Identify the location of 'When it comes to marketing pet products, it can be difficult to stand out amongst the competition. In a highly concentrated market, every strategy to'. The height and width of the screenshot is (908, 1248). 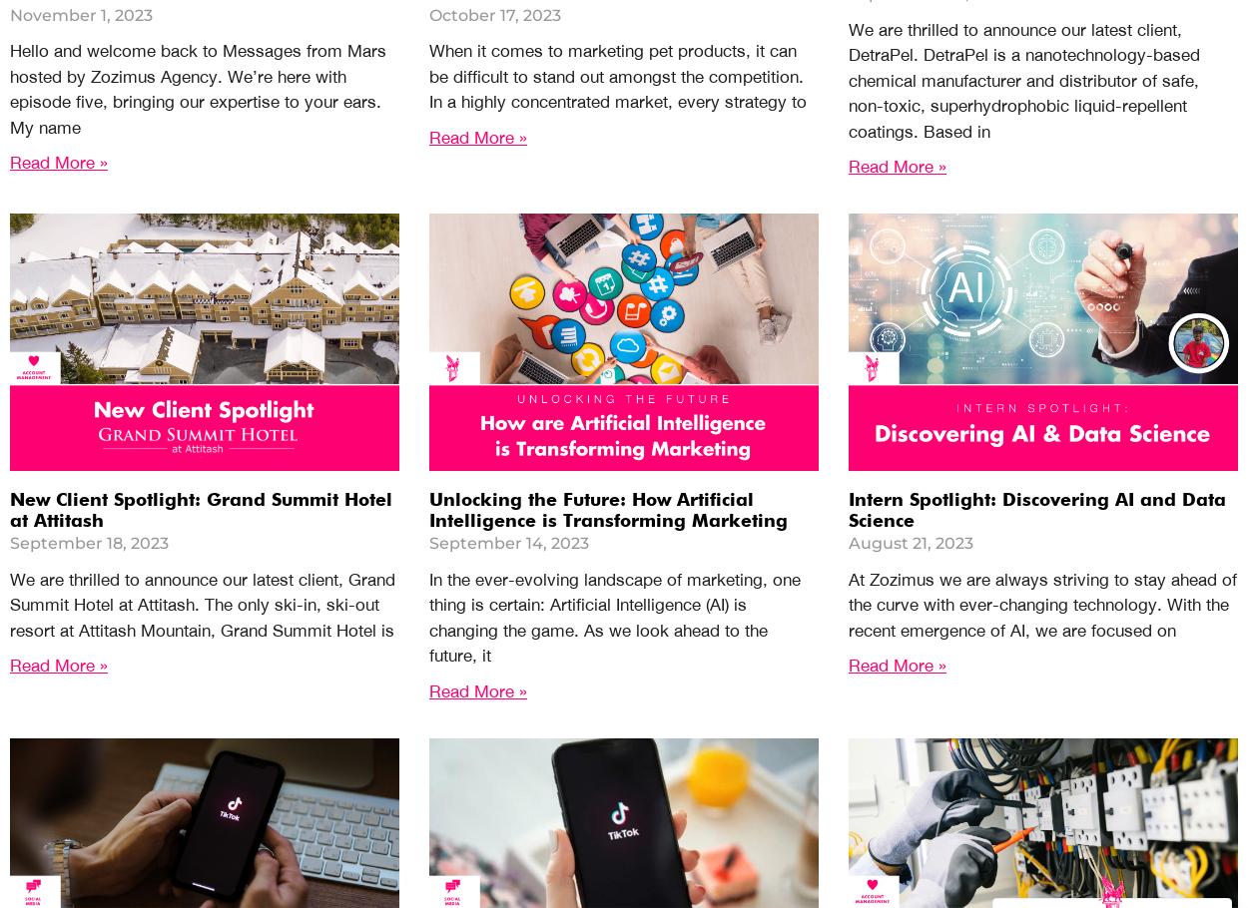
(617, 75).